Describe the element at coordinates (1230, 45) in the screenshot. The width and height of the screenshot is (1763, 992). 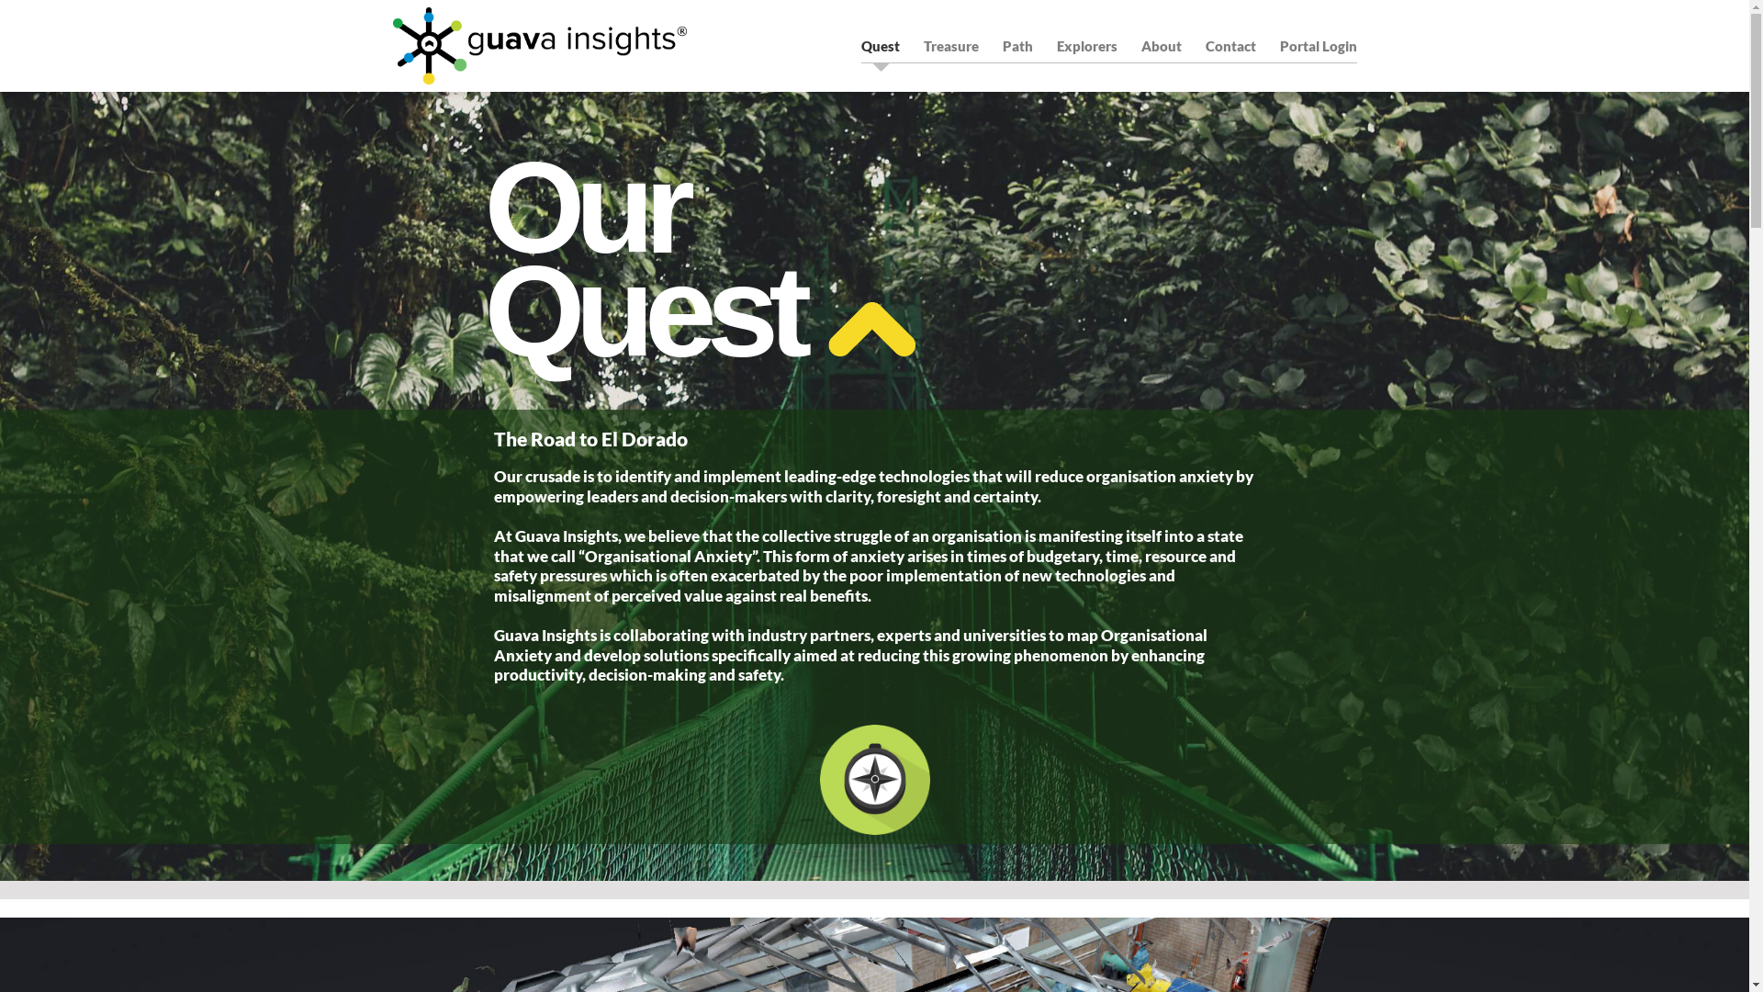
I see `'Contact'` at that location.